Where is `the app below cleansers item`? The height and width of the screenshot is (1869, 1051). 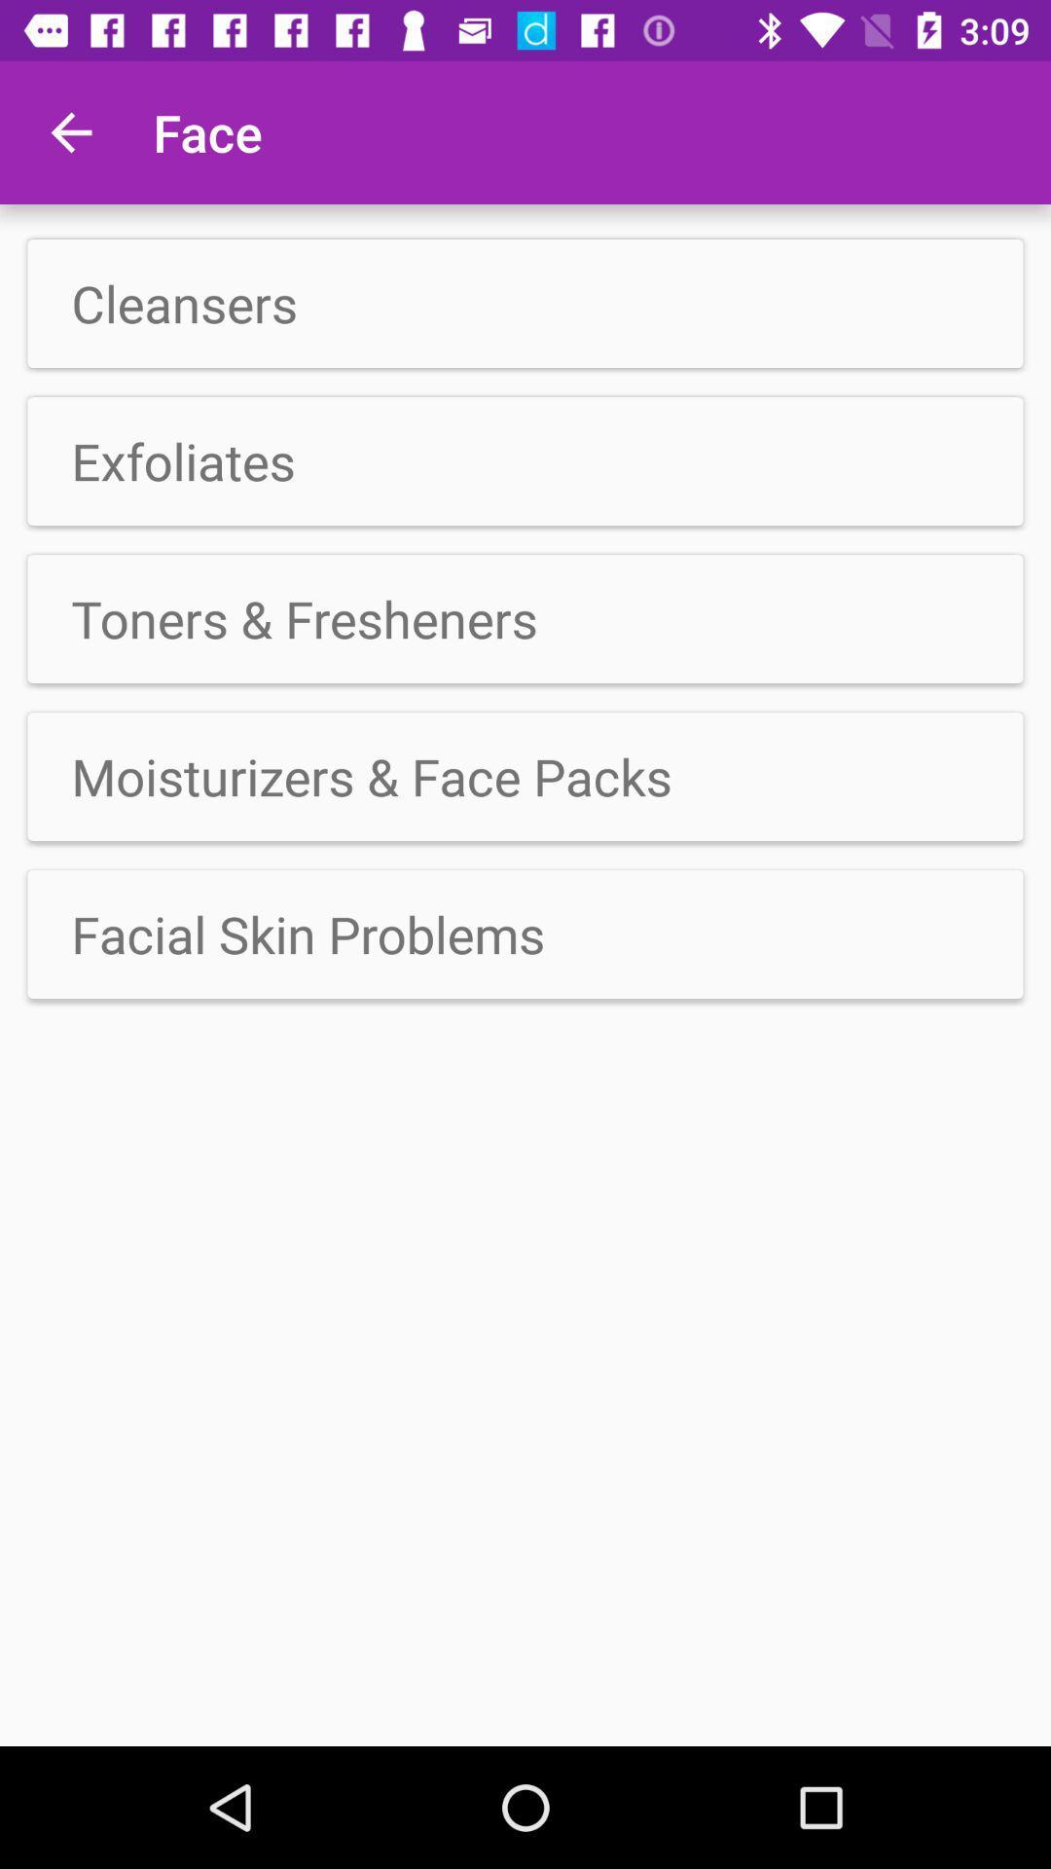 the app below cleansers item is located at coordinates (525, 460).